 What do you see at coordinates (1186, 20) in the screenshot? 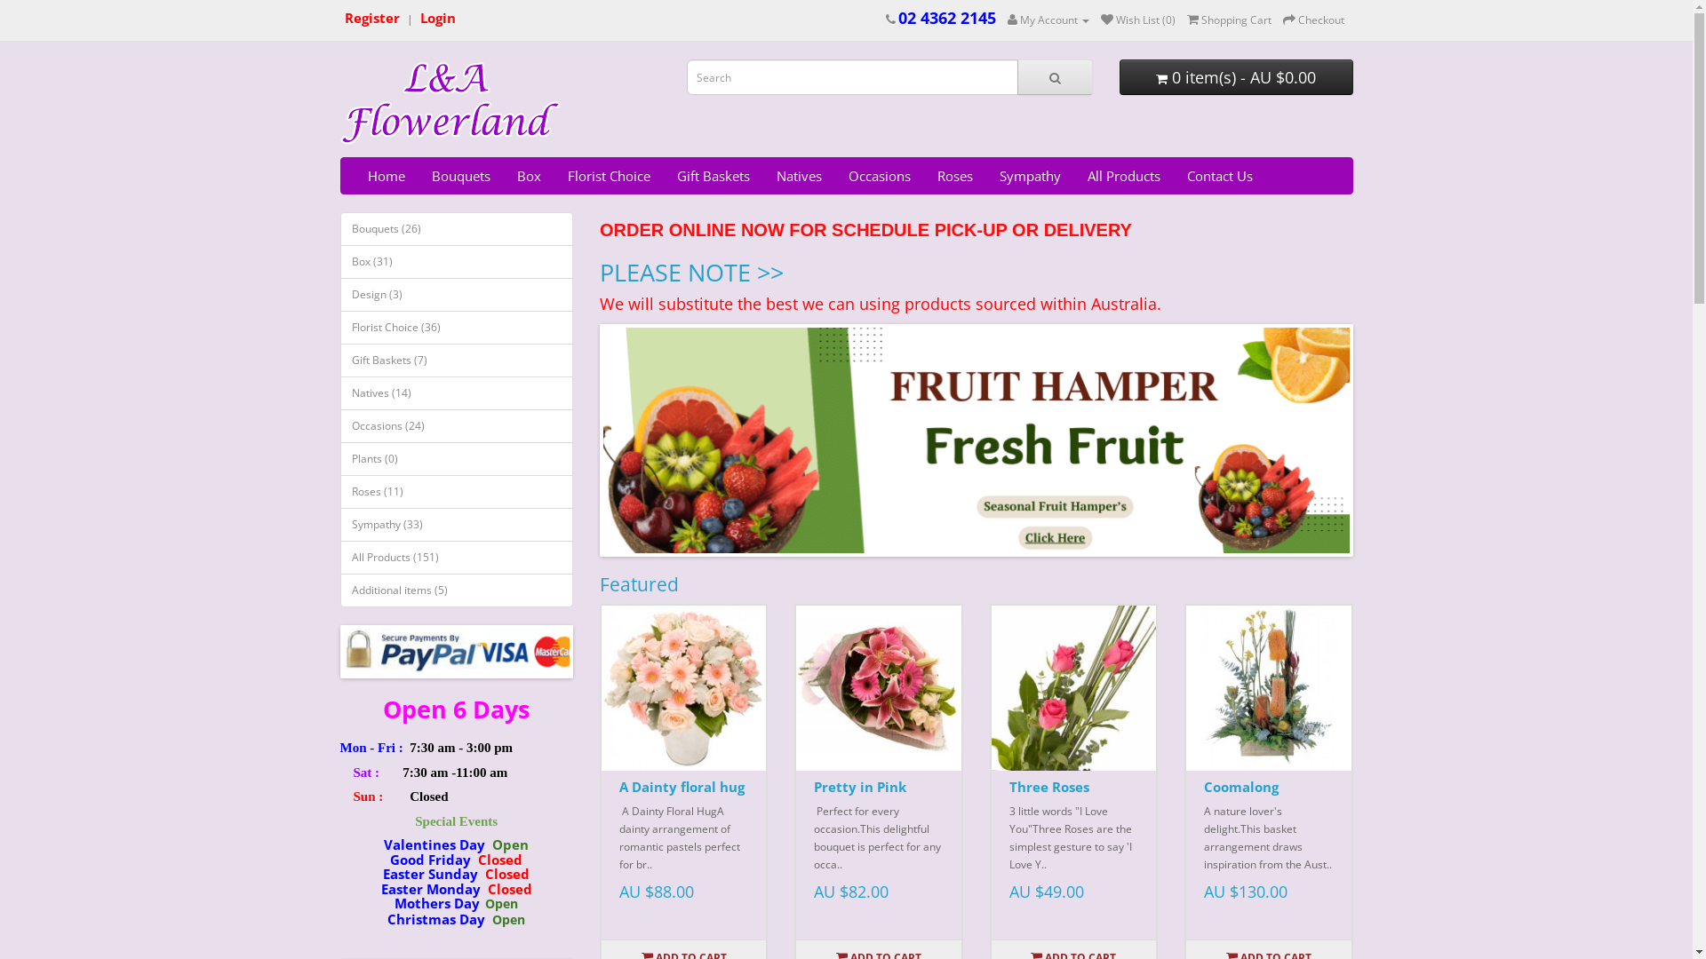
I see `'Shopping Cart'` at bounding box center [1186, 20].